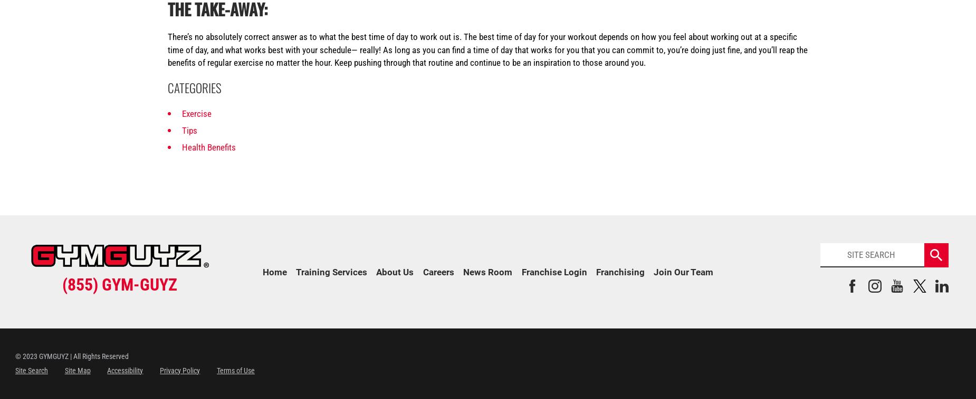 The width and height of the screenshot is (976, 399). Describe the element at coordinates (71, 356) in the screenshot. I see `'© 2023 GYMGUYZ | All Rights Reserved'` at that location.